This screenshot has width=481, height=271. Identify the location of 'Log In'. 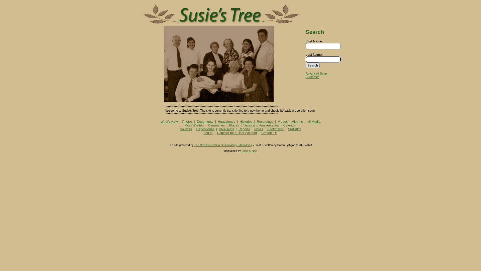
(208, 132).